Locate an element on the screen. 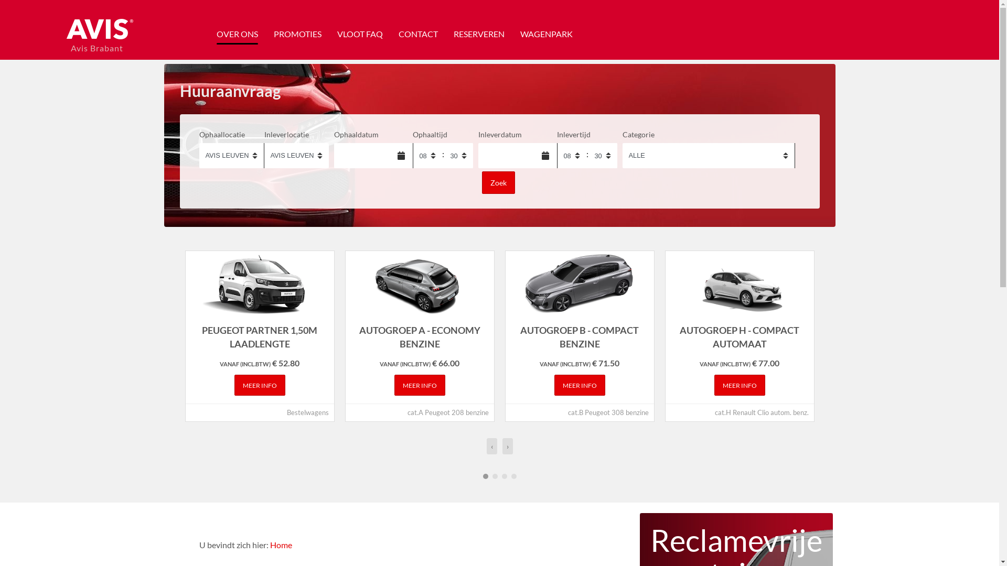 The height and width of the screenshot is (566, 1007). 'MEER INFO' is located at coordinates (420, 385).